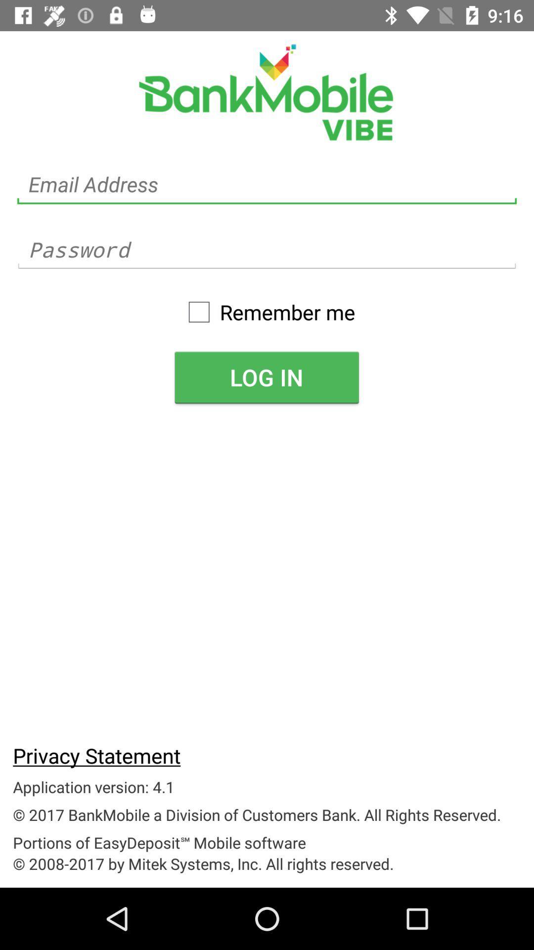 This screenshot has height=950, width=534. I want to click on shows type email address, so click(267, 185).